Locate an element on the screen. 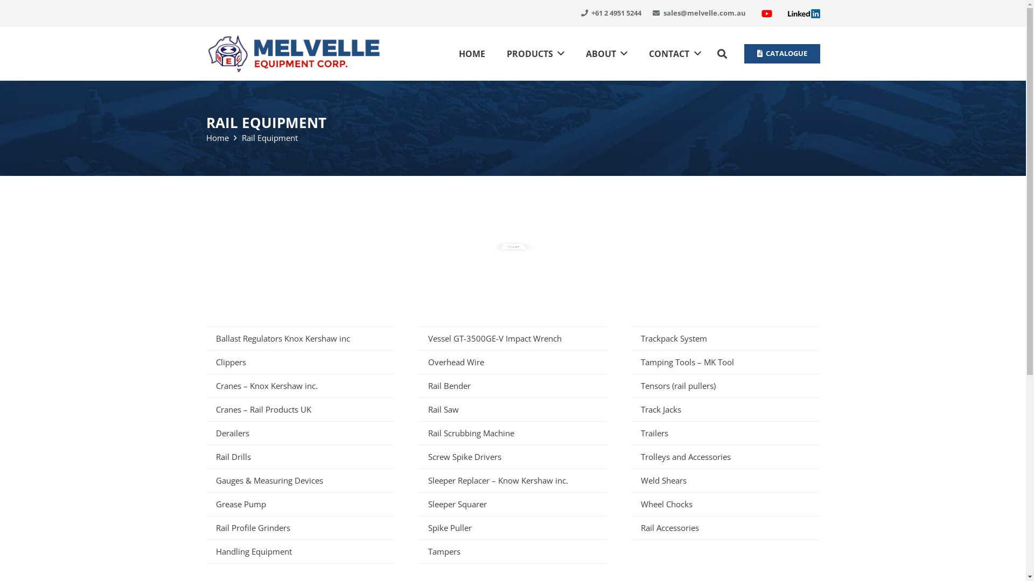 The height and width of the screenshot is (581, 1034). 'Rail Profile Grinders' is located at coordinates (299, 527).